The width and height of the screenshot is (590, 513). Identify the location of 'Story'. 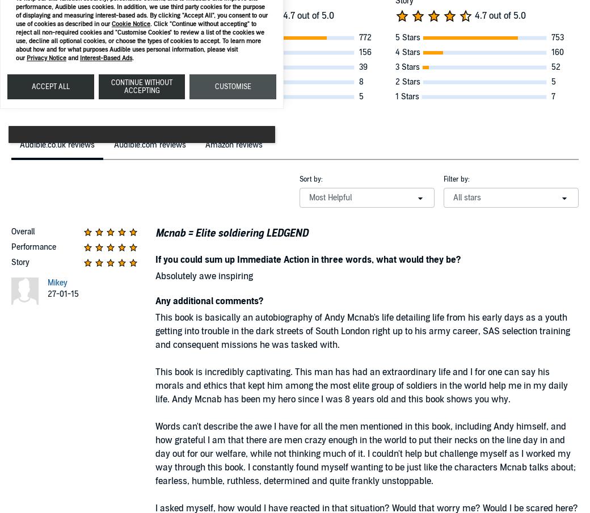
(19, 262).